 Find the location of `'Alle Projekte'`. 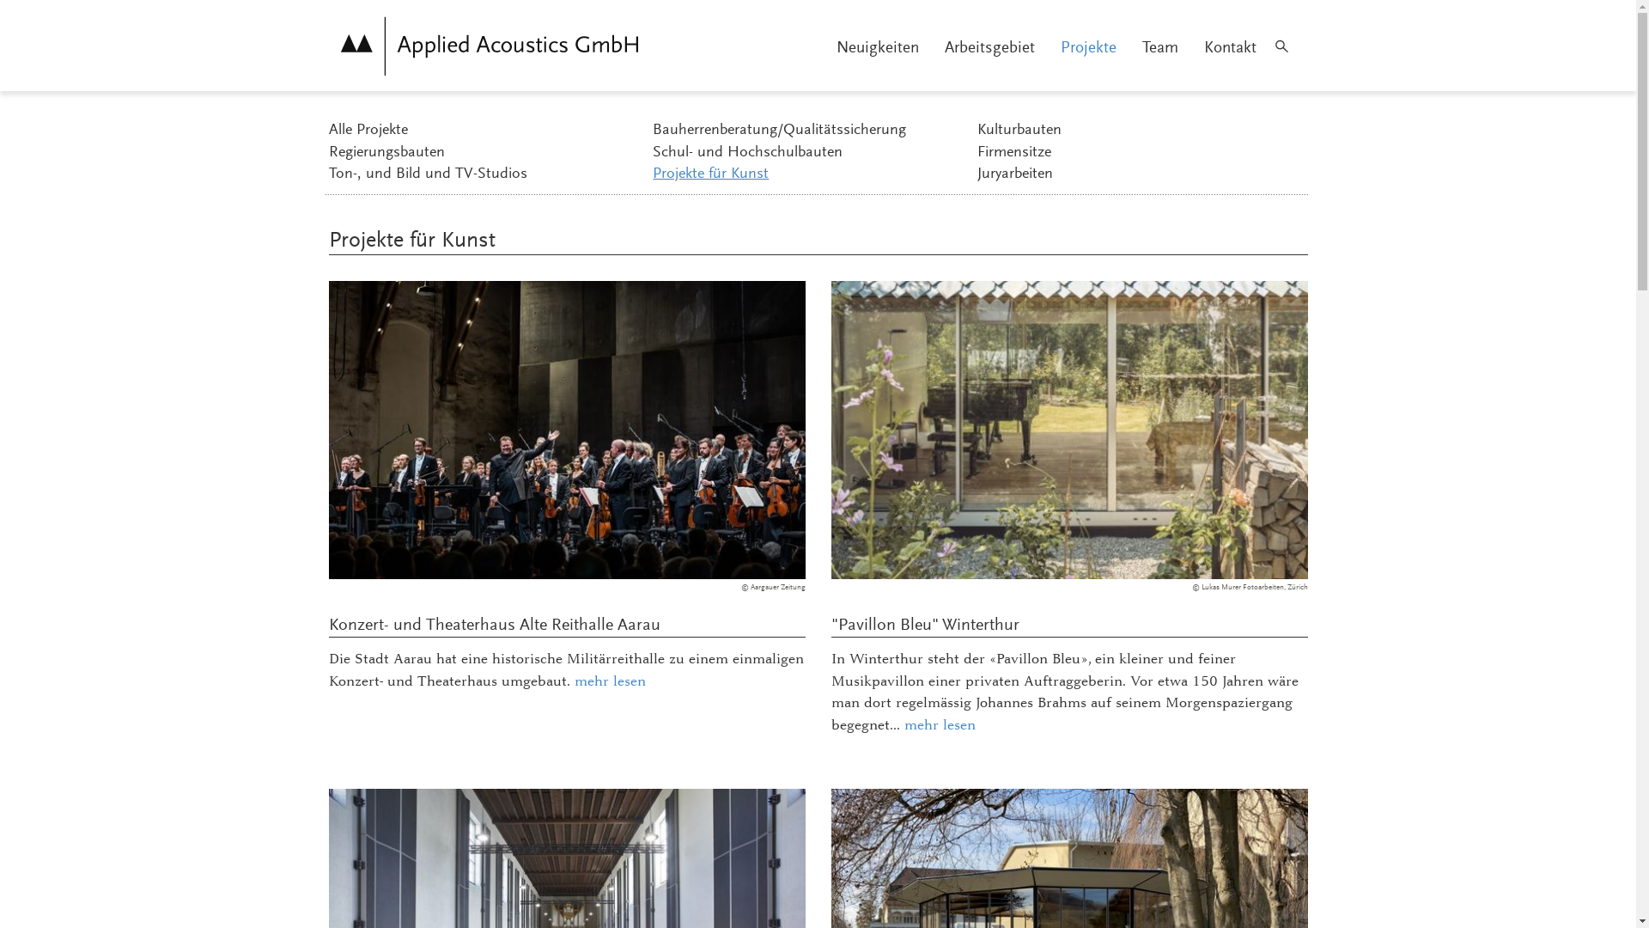

'Alle Projekte' is located at coordinates (485, 131).